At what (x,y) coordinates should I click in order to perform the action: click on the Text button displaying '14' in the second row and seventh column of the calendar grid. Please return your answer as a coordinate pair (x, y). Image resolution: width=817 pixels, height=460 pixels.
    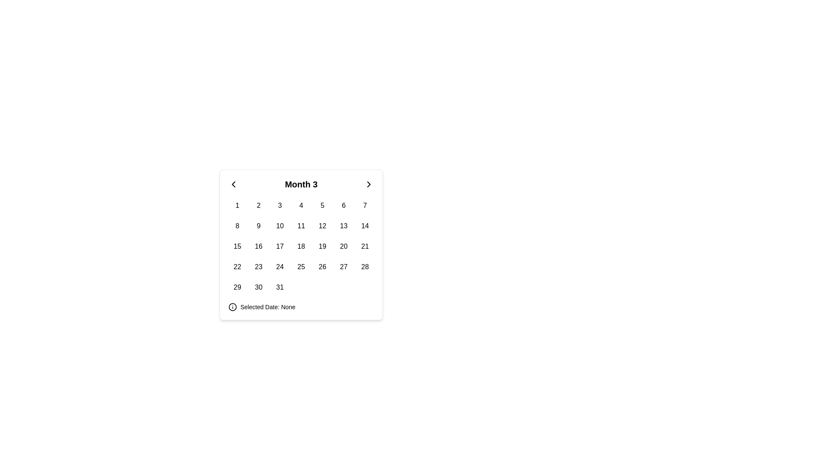
    Looking at the image, I should click on (365, 226).